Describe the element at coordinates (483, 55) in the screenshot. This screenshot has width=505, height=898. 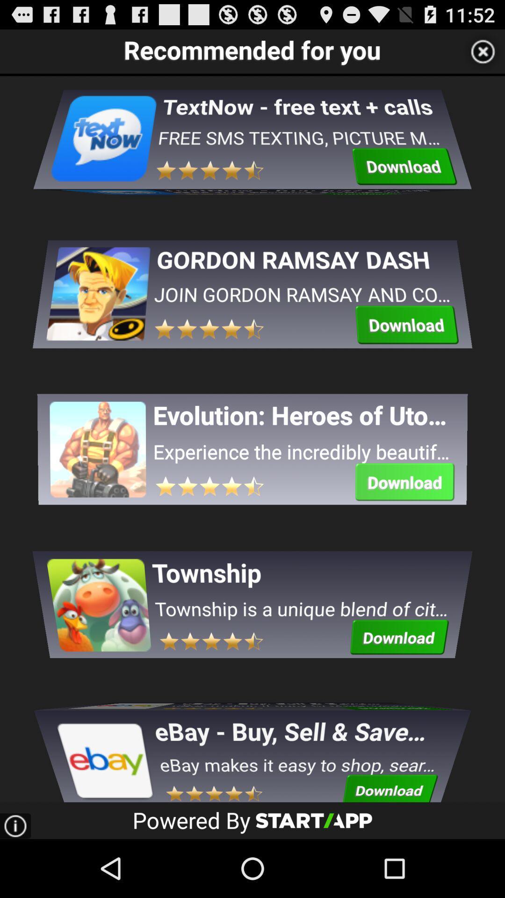
I see `the close icon` at that location.